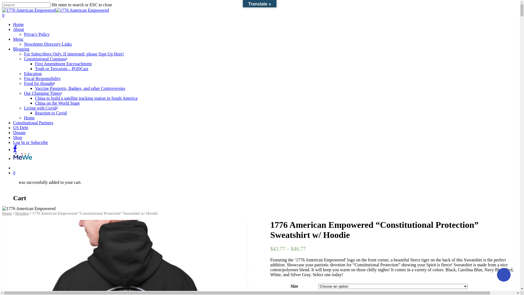  I want to click on 'Reaction to Covid', so click(51, 113).